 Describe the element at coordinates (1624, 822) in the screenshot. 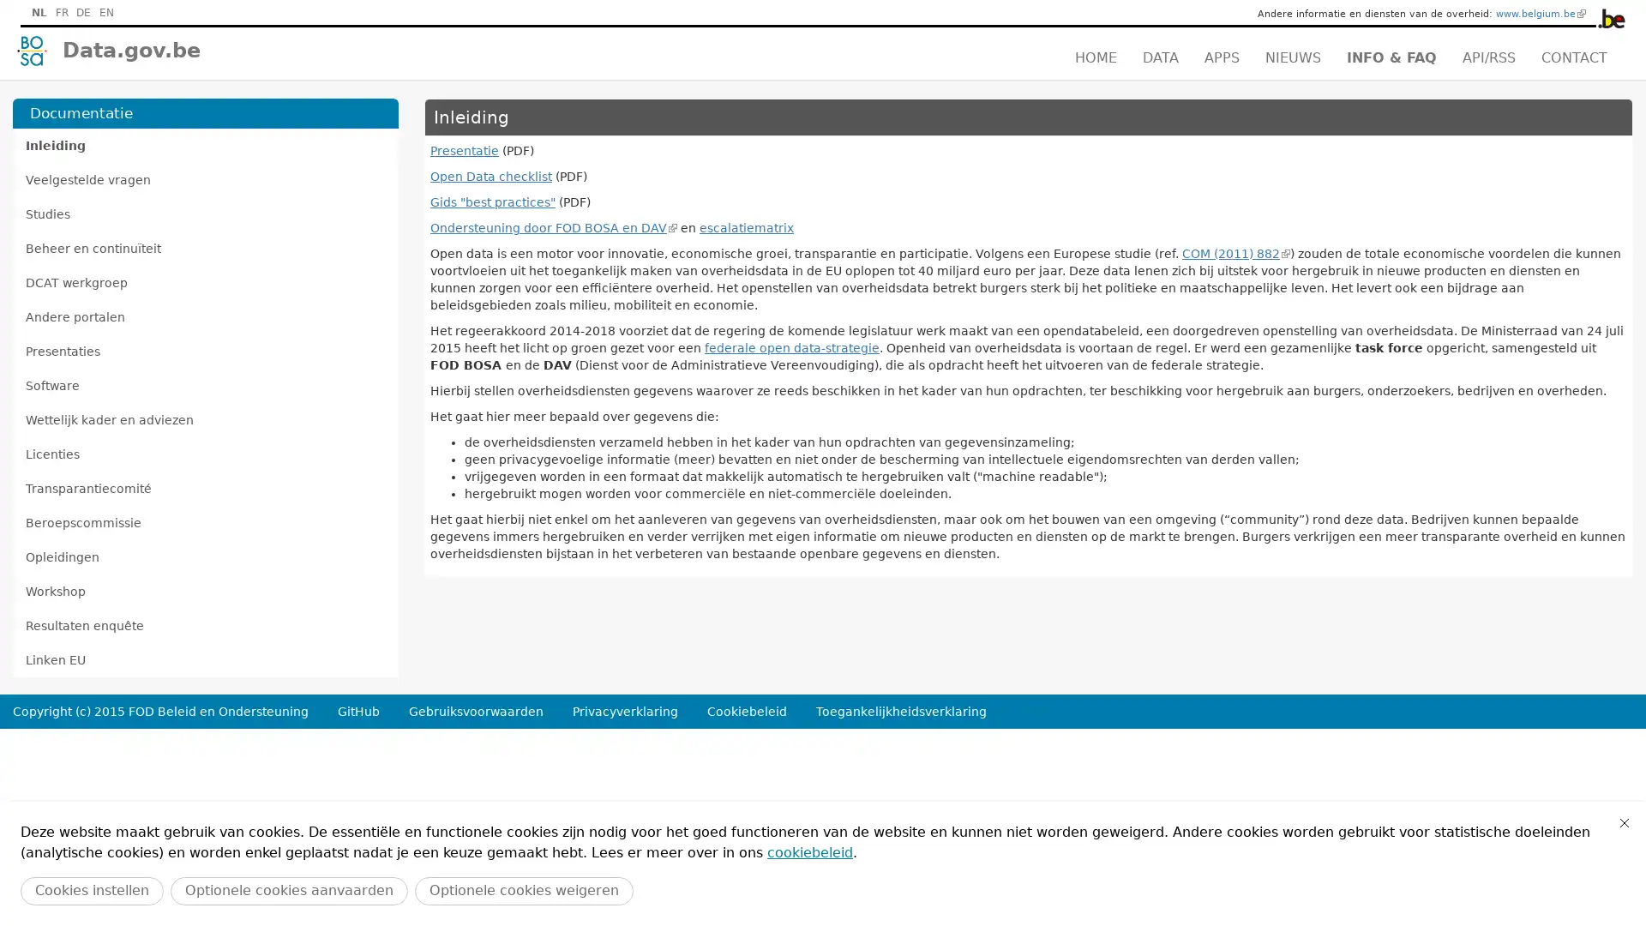

I see `Sluiten` at that location.